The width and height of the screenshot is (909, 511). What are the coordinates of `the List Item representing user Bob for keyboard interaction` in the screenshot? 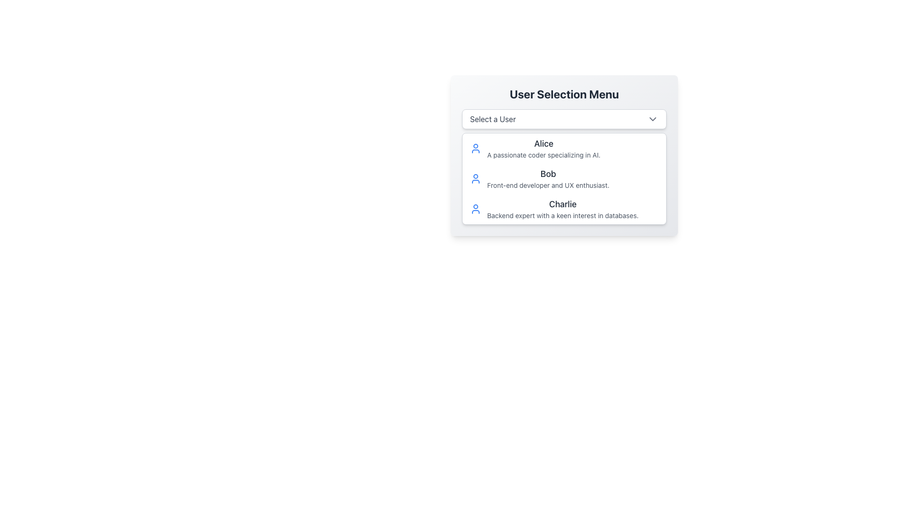 It's located at (564, 179).